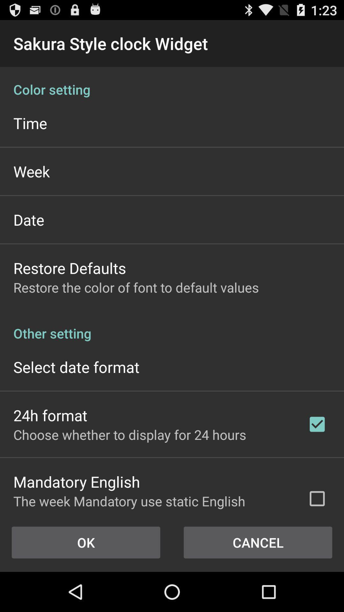 The image size is (344, 612). What do you see at coordinates (258, 542) in the screenshot?
I see `the cancel icon` at bounding box center [258, 542].